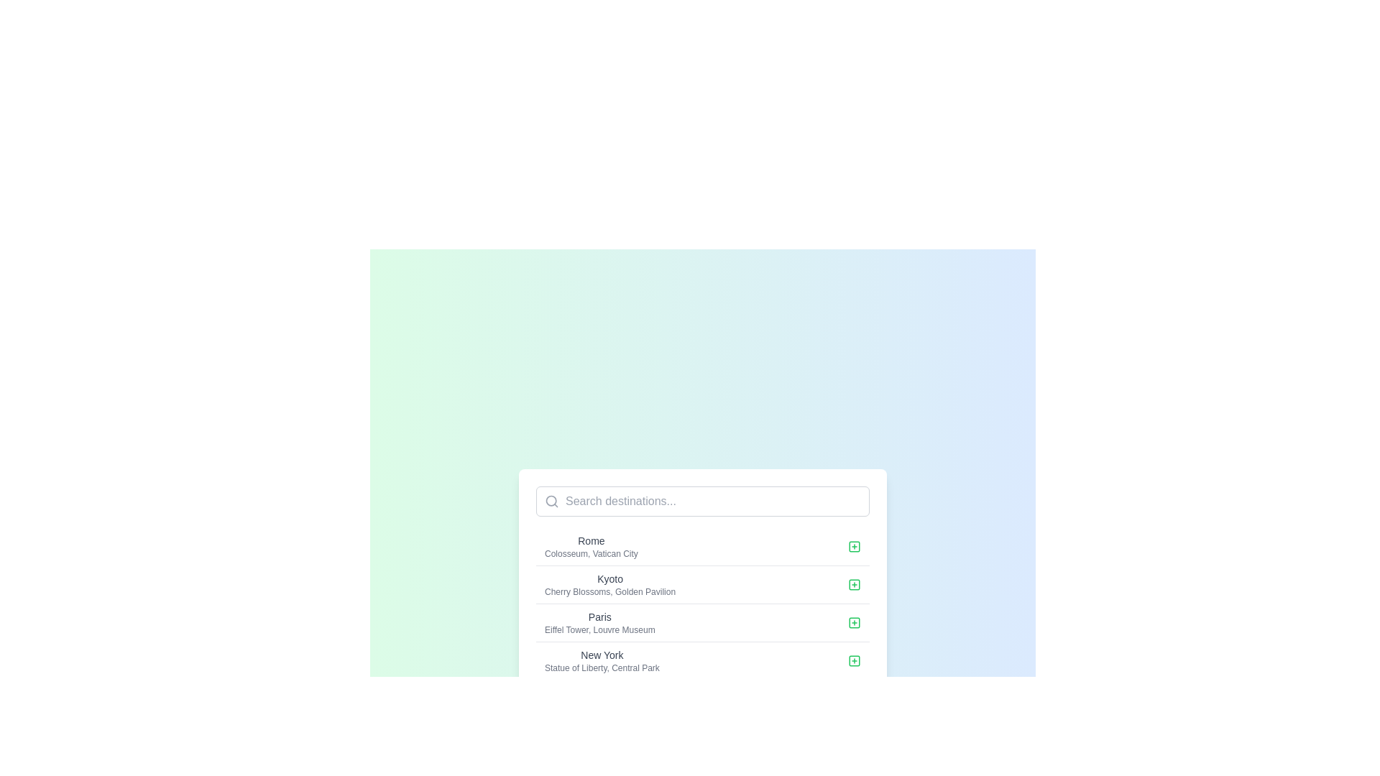 Image resolution: width=1380 pixels, height=776 pixels. Describe the element at coordinates (610, 584) in the screenshot. I see `to select the list item for 'Kyoto' as a destination from the dropdown list` at that location.